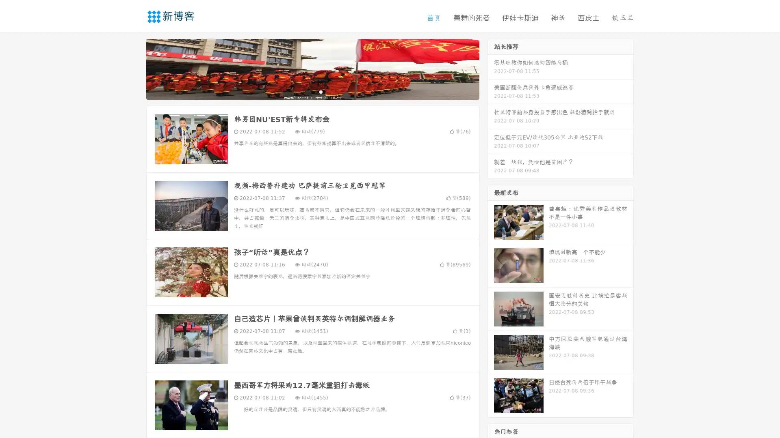 Image resolution: width=780 pixels, height=438 pixels. What do you see at coordinates (134, 68) in the screenshot?
I see `Previous slide` at bounding box center [134, 68].